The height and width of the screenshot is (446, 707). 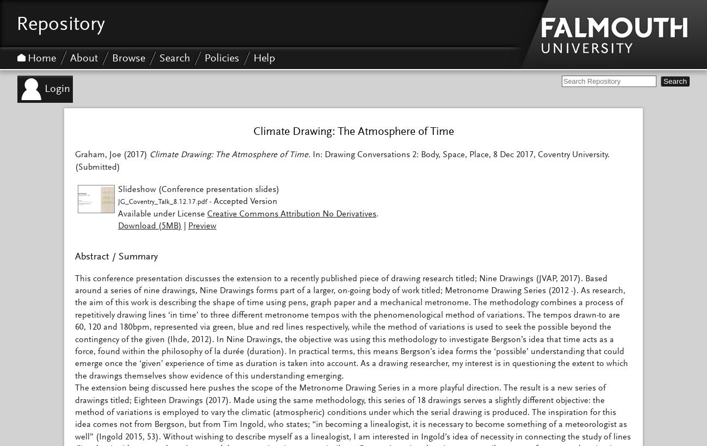 What do you see at coordinates (60, 24) in the screenshot?
I see `'Repository'` at bounding box center [60, 24].